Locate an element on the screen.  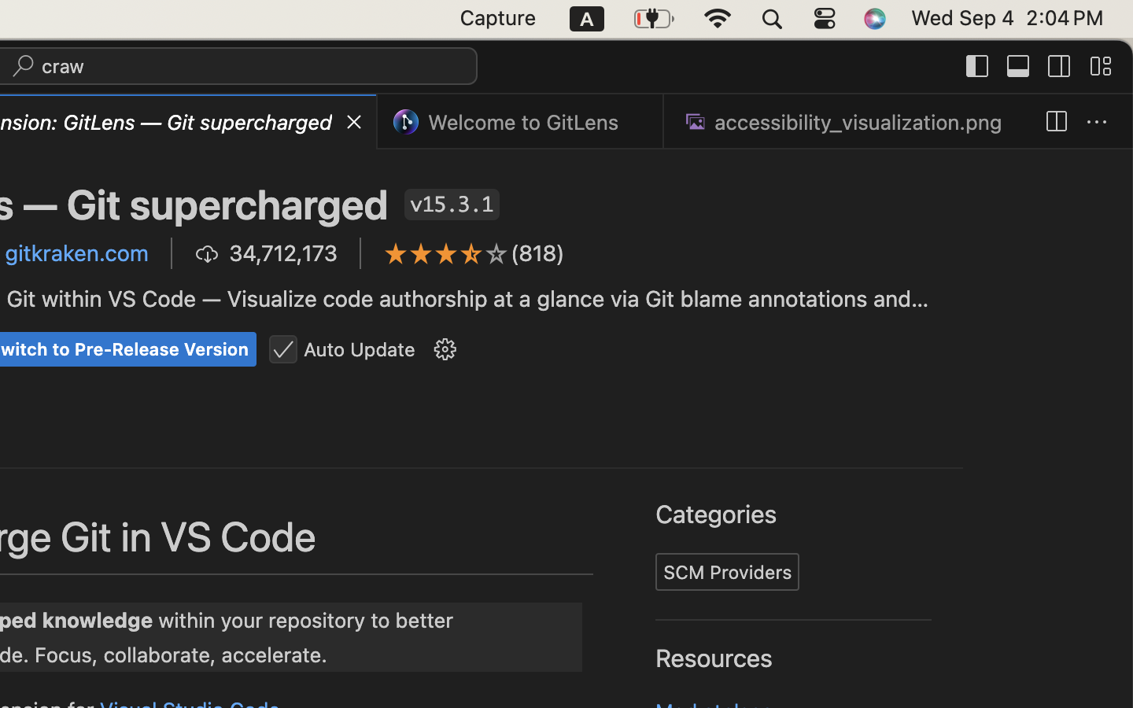
'' is located at coordinates (446, 253).